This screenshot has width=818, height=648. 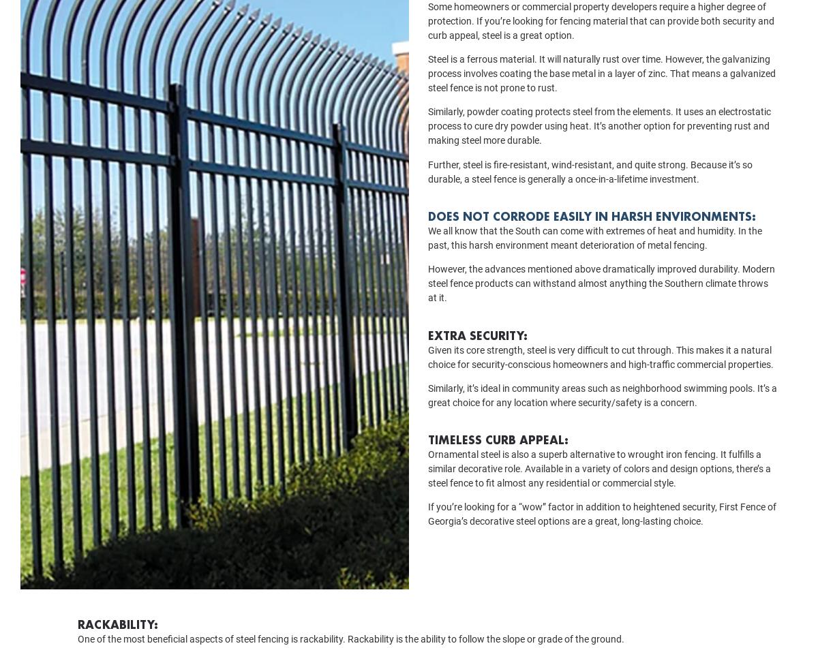 I want to click on 'Further, steel is fire-resistant, wind-resistant, and quite strong. Because it’s so durable, a steel fence is generally a once-in-a-lifetime investment.', so click(x=590, y=191).